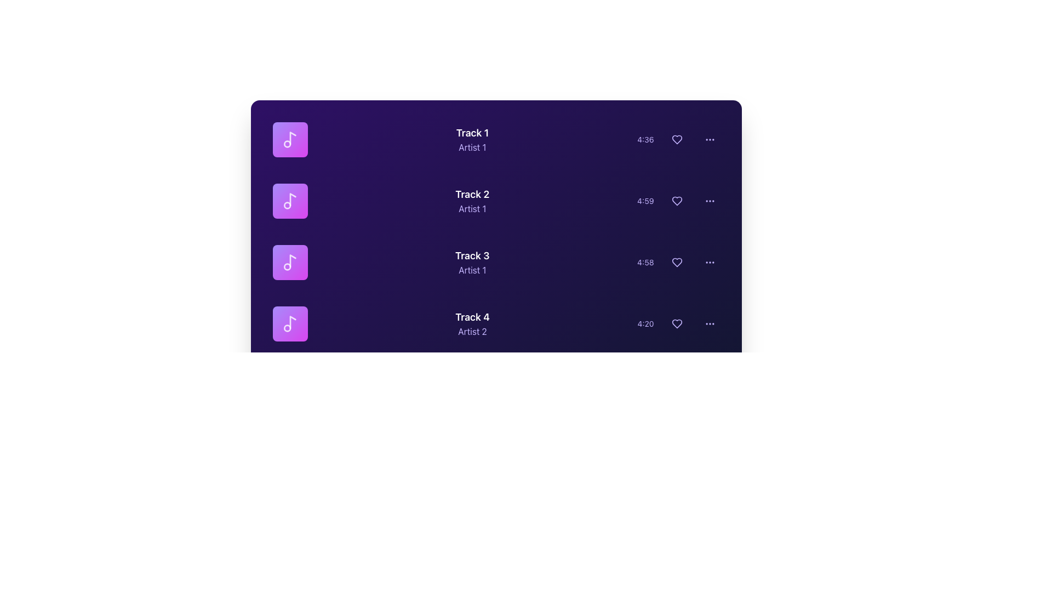 The image size is (1052, 592). Describe the element at coordinates (472, 133) in the screenshot. I see `the 'Track 1' text label, which is displayed in bold white font and is the first title in a list of tracks` at that location.